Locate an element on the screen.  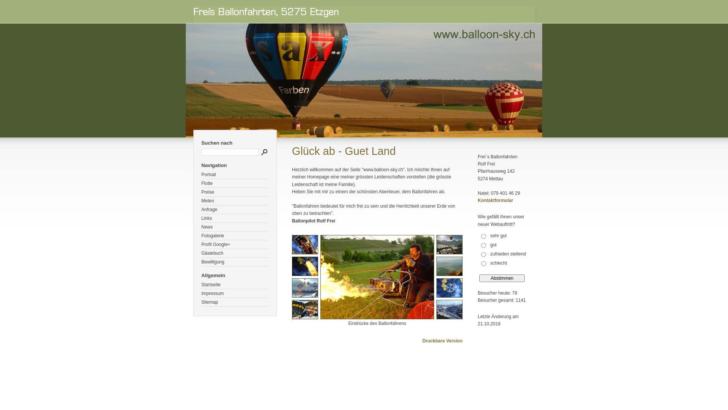
'Fotogalerie' is located at coordinates (201, 235).